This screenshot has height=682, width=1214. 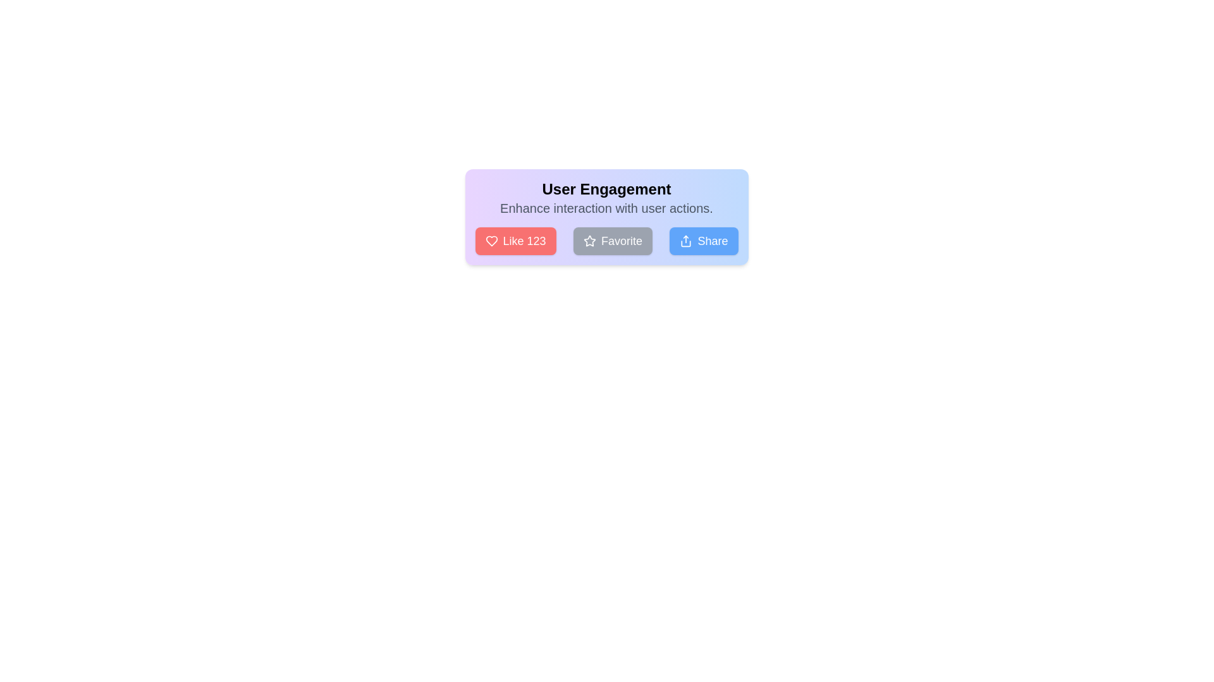 I want to click on the horizontally aligned gray text that reads 'Enhance interaction with user actions.' positioned below the 'User Engagement' heading, so click(x=606, y=208).